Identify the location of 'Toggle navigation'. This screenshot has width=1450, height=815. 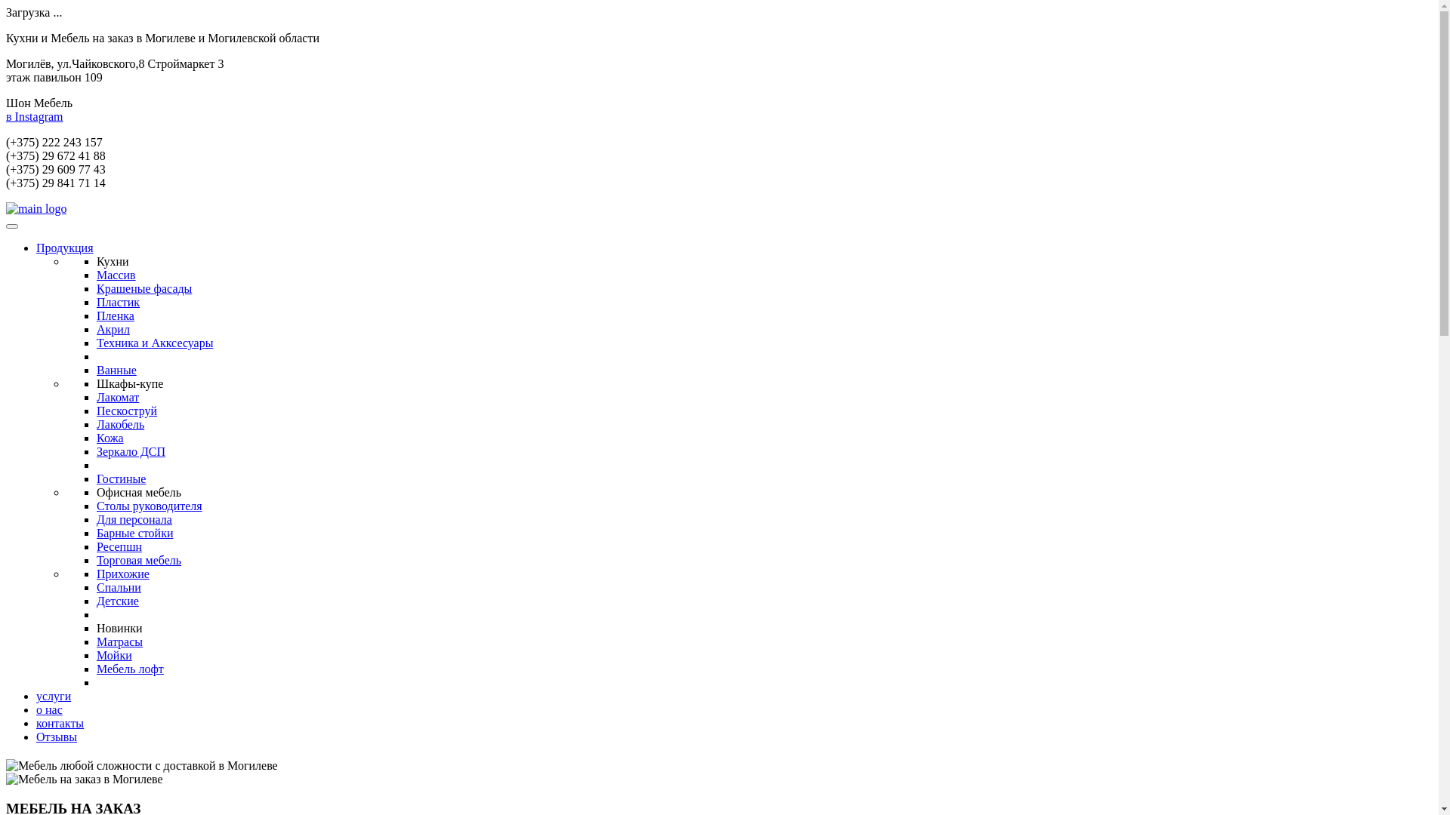
(11, 226).